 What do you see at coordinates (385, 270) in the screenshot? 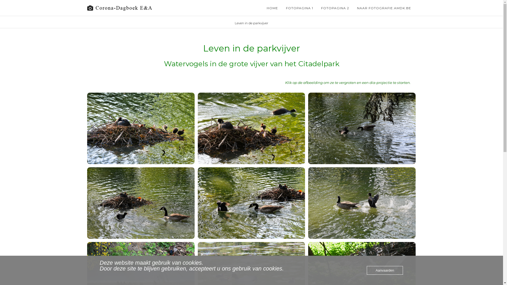
I see `'Aanvaarden'` at bounding box center [385, 270].